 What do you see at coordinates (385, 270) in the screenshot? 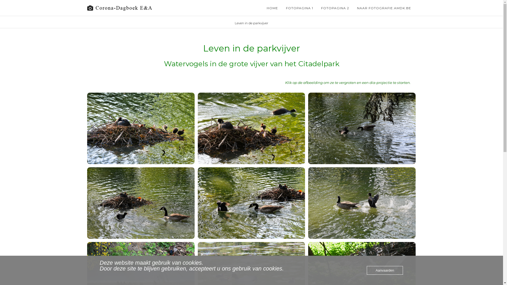
I see `'Aanvaarden'` at bounding box center [385, 270].